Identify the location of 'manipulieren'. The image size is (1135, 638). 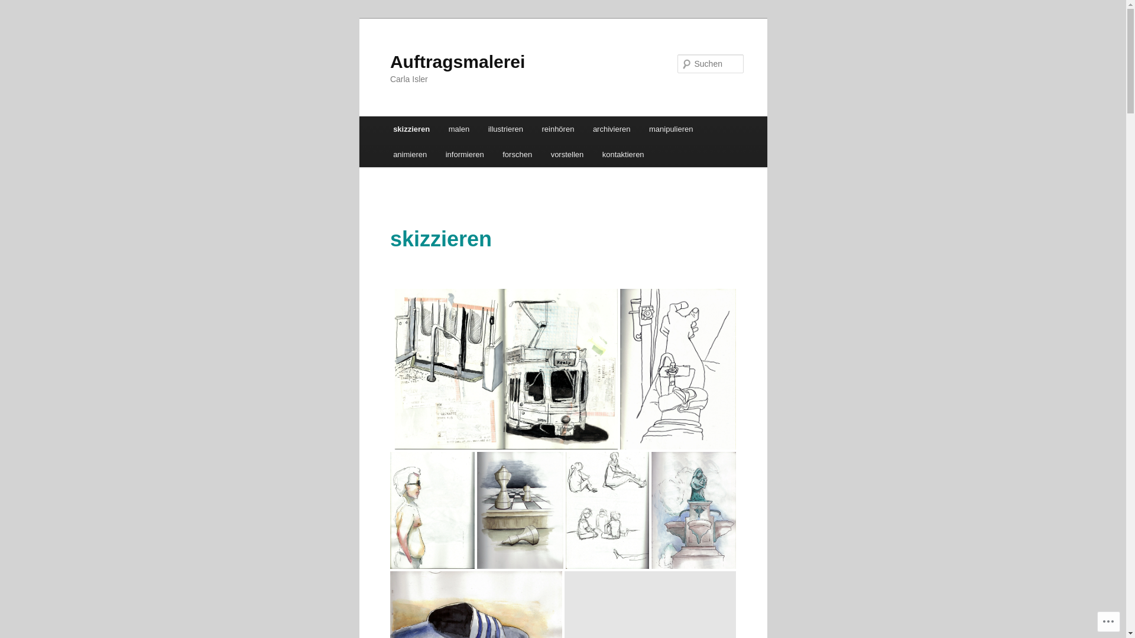
(638, 129).